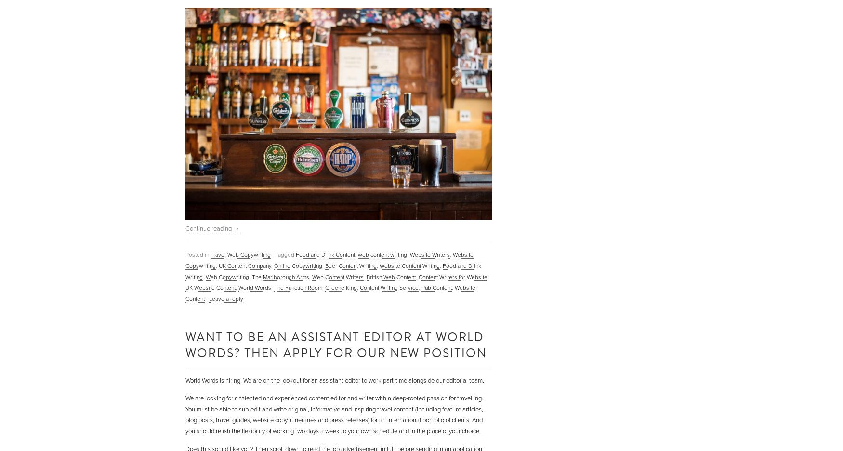 The image size is (843, 451). Describe the element at coordinates (421, 287) in the screenshot. I see `'Pub Content'` at that location.